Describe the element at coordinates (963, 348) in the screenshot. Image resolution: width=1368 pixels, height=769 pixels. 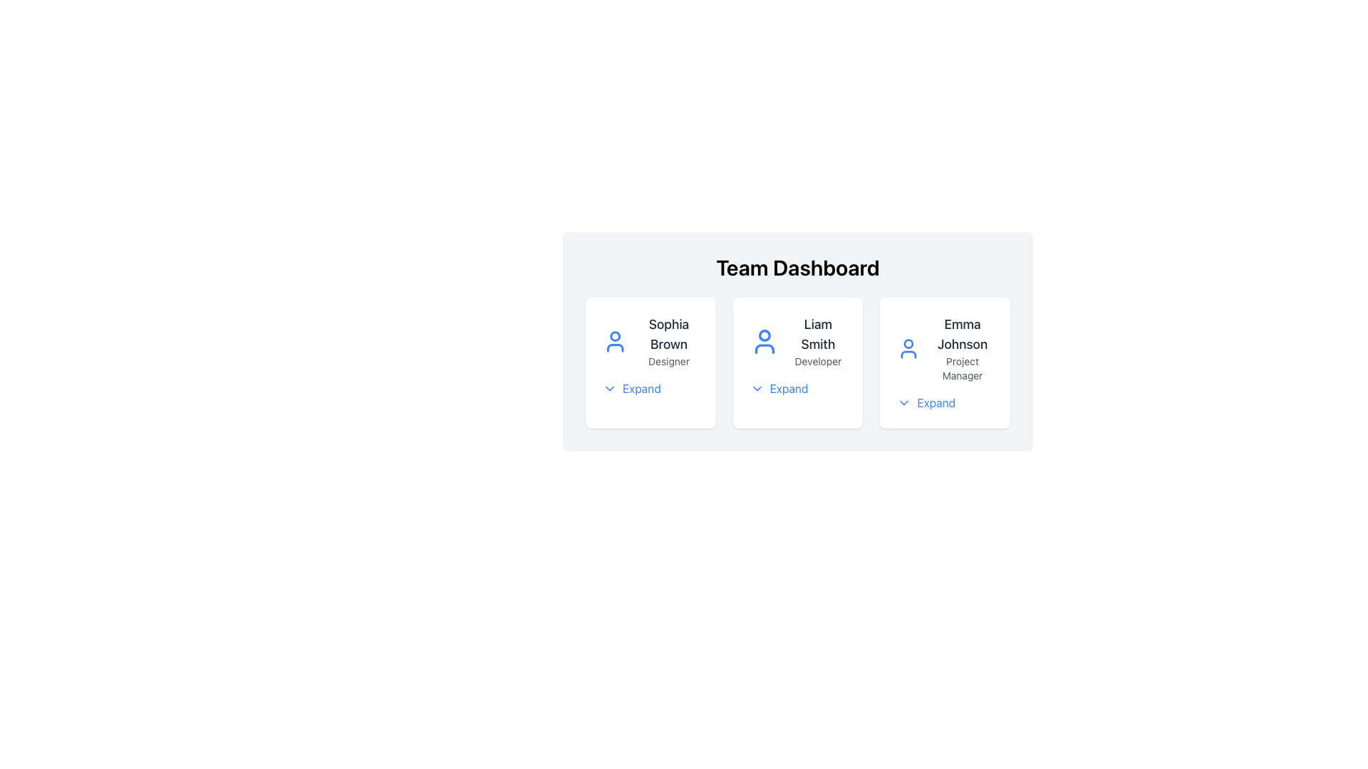
I see `the Text Display that shows the user's name and role within the team, located as the third item from the left in the horizontal row of profile cards under the 'Team Dashboard' heading` at that location.